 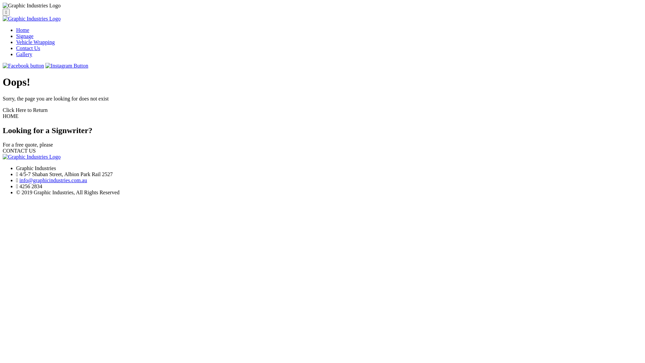 I want to click on 'Vehicle Wrapping', so click(x=35, y=42).